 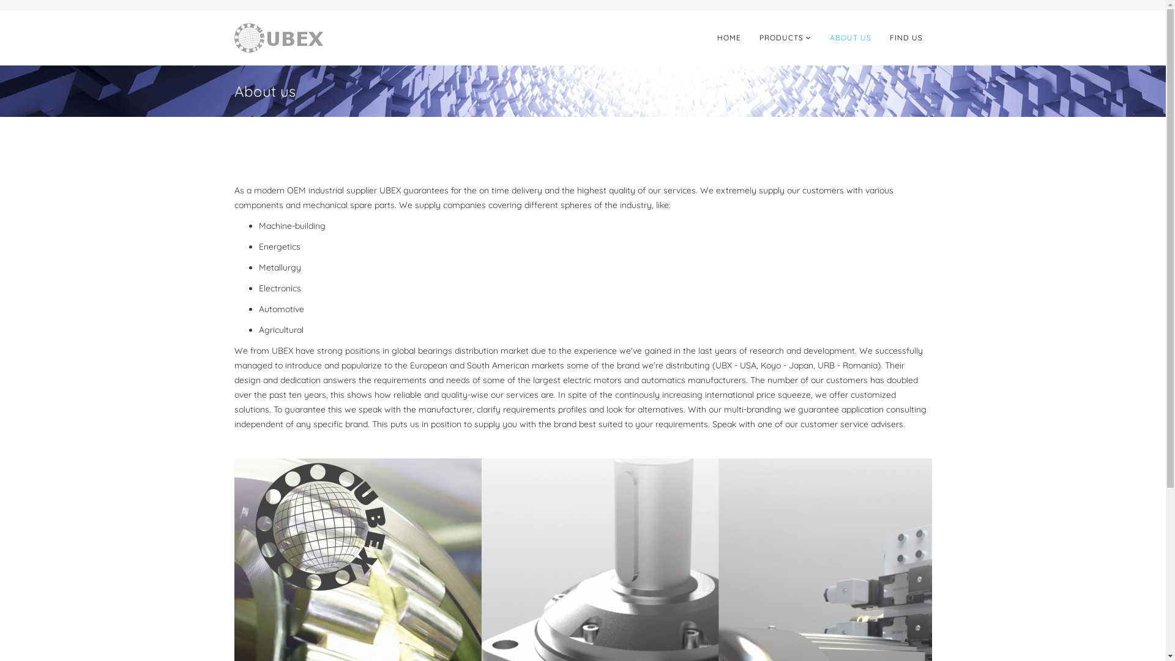 What do you see at coordinates (905, 37) in the screenshot?
I see `'FIND US'` at bounding box center [905, 37].